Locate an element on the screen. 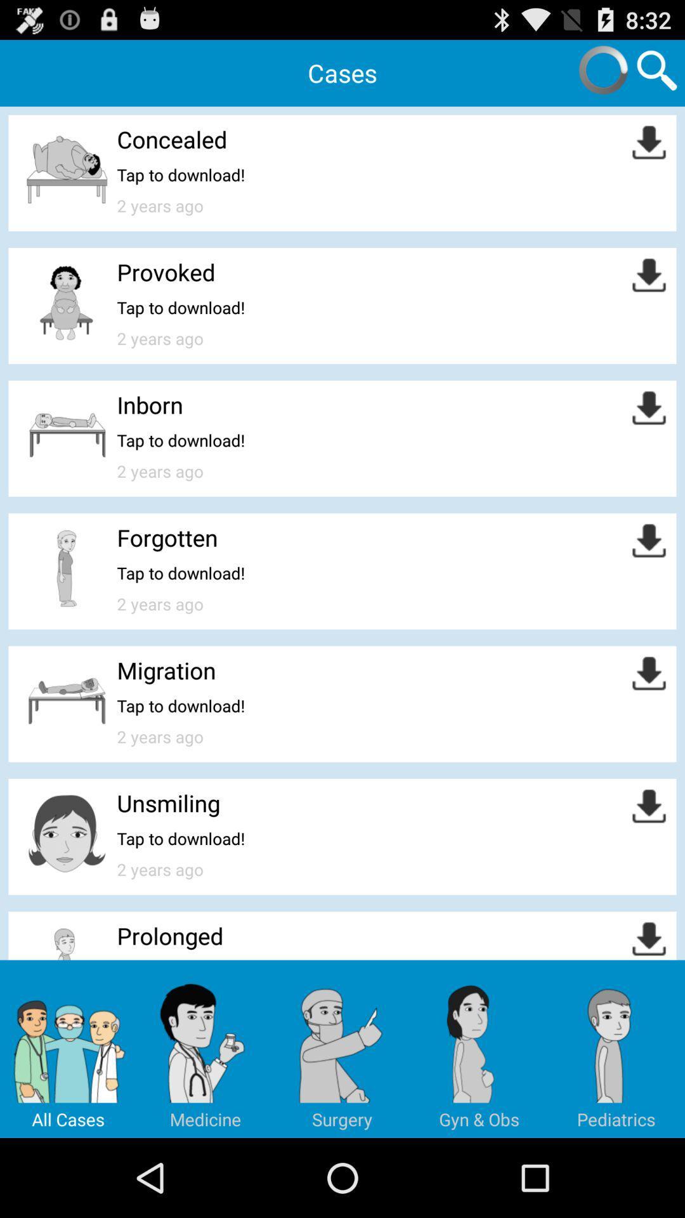 This screenshot has height=1218, width=685. item below the cases is located at coordinates (172, 139).